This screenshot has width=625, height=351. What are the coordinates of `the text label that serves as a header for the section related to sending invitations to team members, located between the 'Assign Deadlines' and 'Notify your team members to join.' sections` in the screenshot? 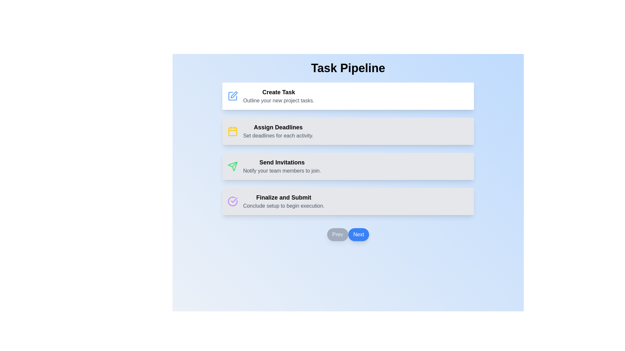 It's located at (282, 162).